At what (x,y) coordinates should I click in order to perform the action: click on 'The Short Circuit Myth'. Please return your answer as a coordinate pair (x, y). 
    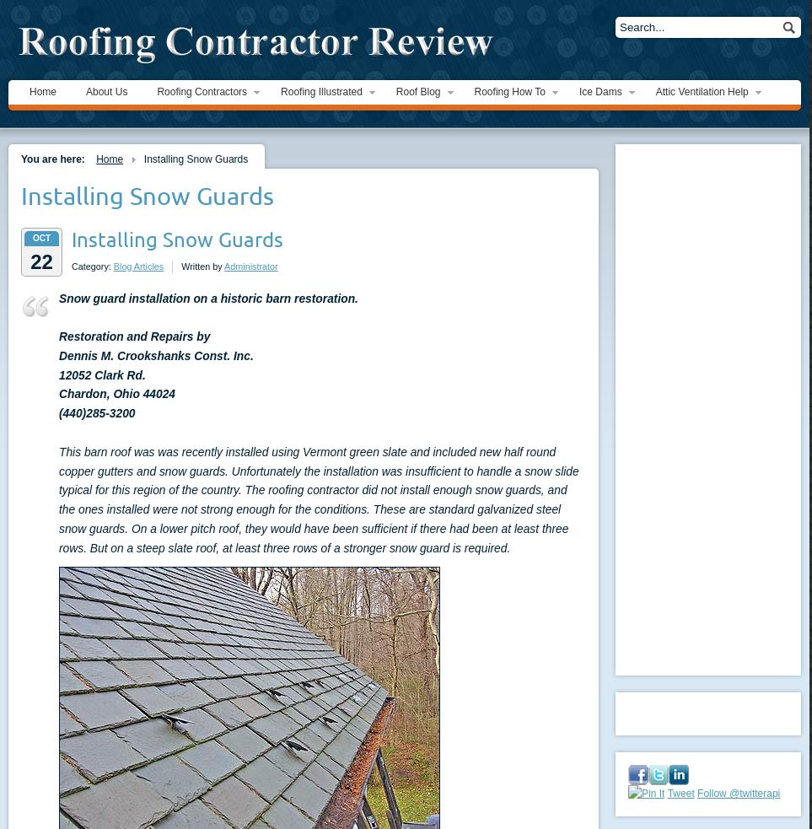
    Looking at the image, I should click on (706, 245).